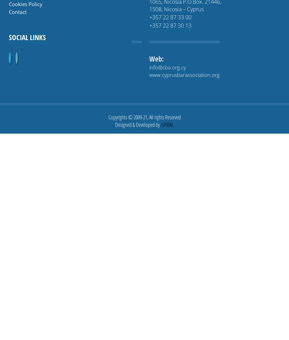 The image size is (289, 340). I want to click on '+357 22 87 33 00', so click(170, 17).